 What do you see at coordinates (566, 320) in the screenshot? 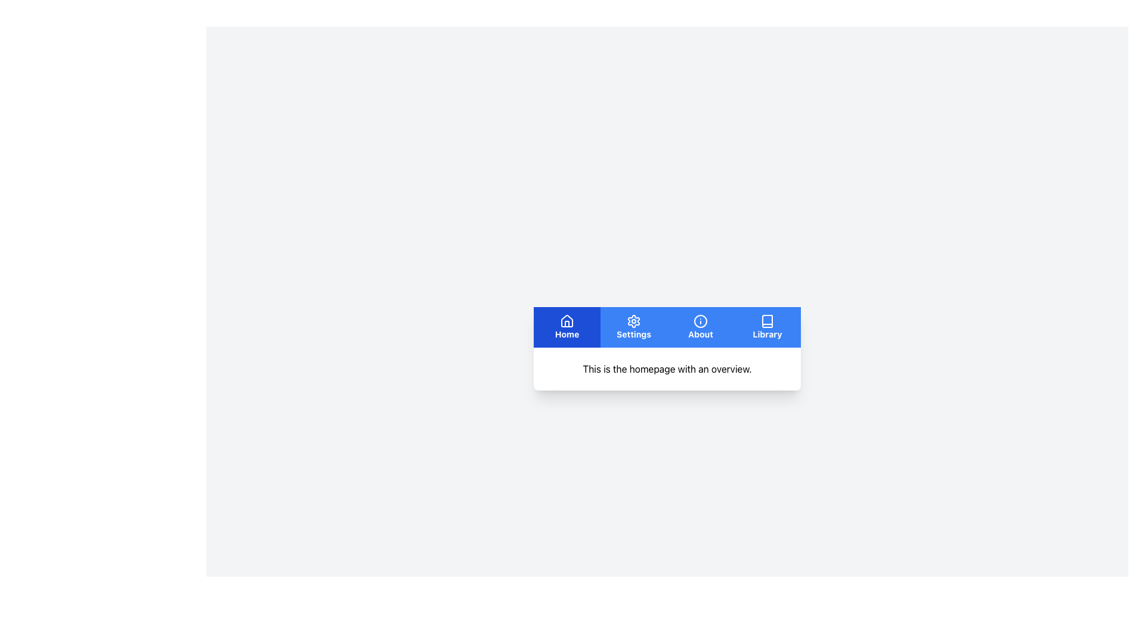
I see `the house-like icon in the navigation bar` at bounding box center [566, 320].